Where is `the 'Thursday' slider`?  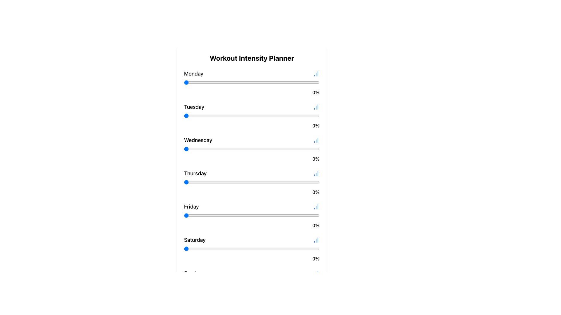
the 'Thursday' slider is located at coordinates (261, 182).